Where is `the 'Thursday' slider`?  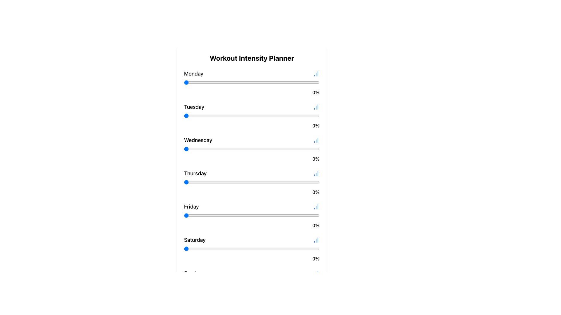
the 'Thursday' slider is located at coordinates (261, 182).